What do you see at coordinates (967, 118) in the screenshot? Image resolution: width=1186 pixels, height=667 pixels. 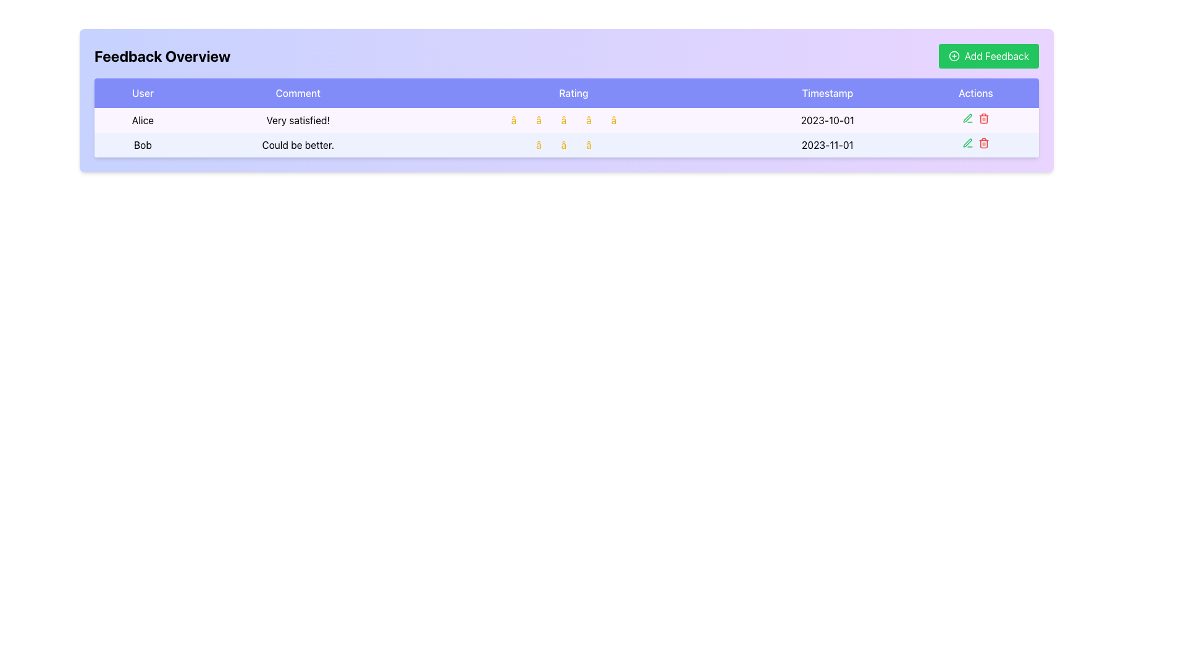 I see `the edit icon located in the second row of the feedback table in the 'Actions' column, which is adjacent to the trashcan icon` at bounding box center [967, 118].